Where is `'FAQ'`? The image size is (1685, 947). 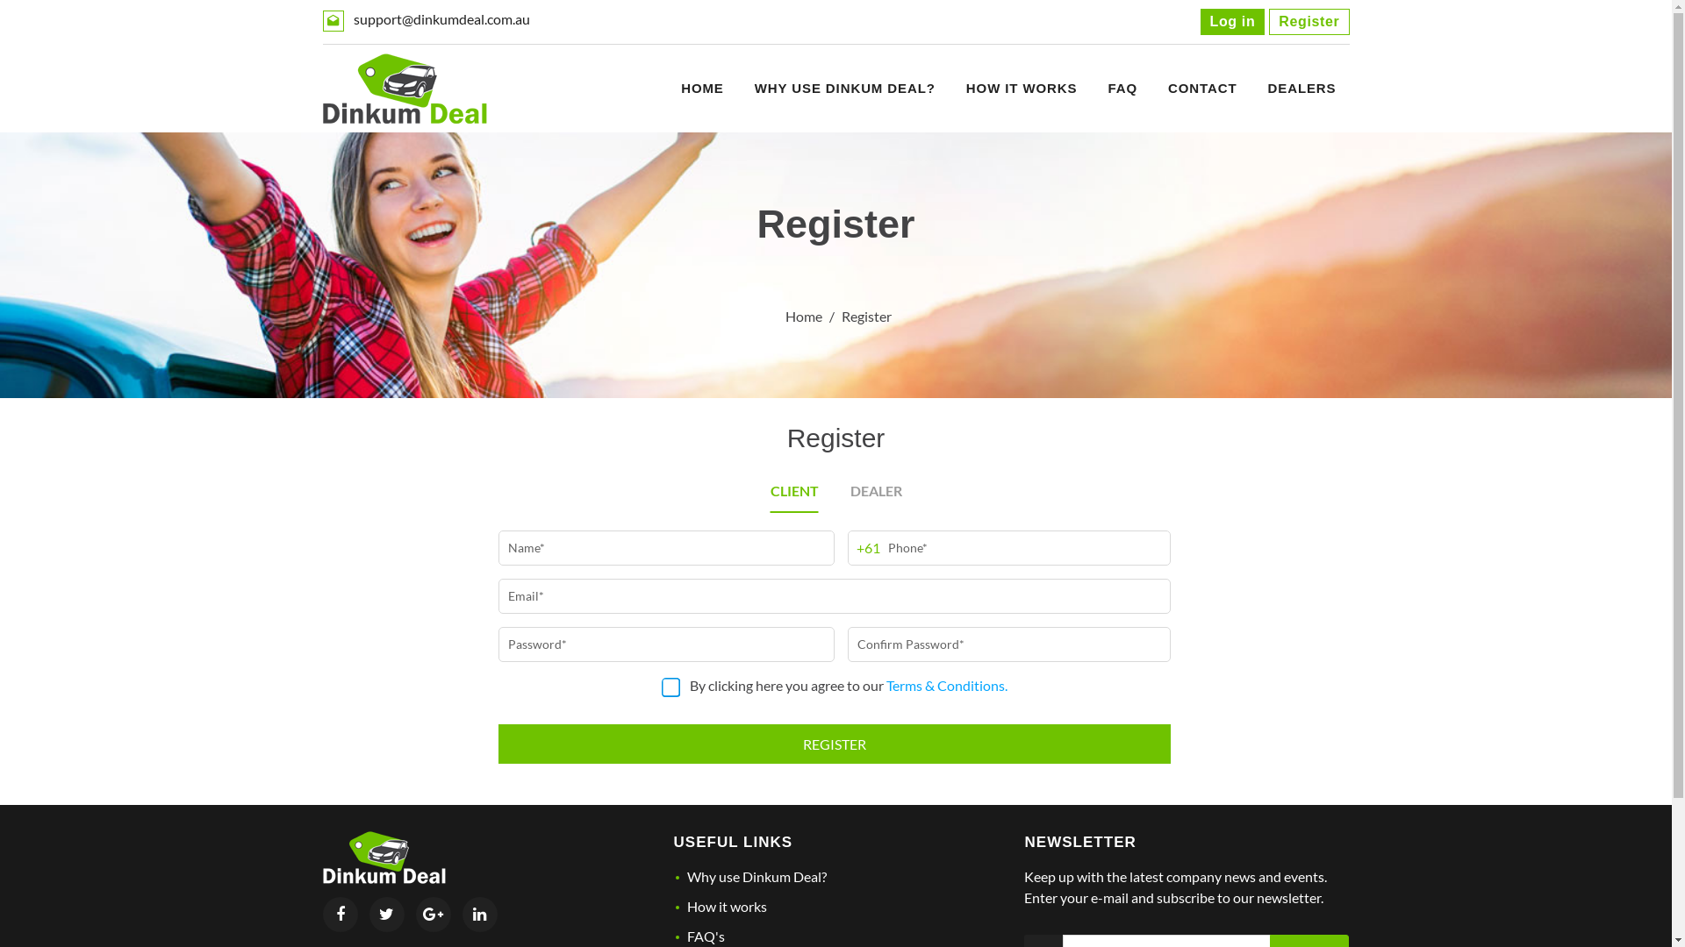
'FAQ' is located at coordinates (1121, 88).